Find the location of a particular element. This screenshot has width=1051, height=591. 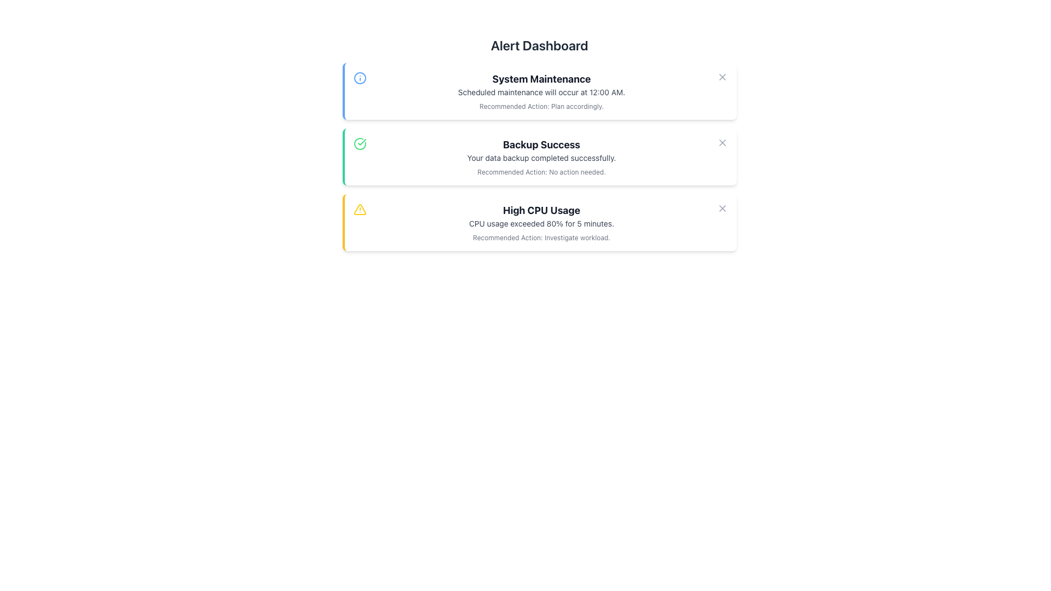

the 'X' icon in the top-right corner of the 'Backup Success' alert card is located at coordinates (722, 142).